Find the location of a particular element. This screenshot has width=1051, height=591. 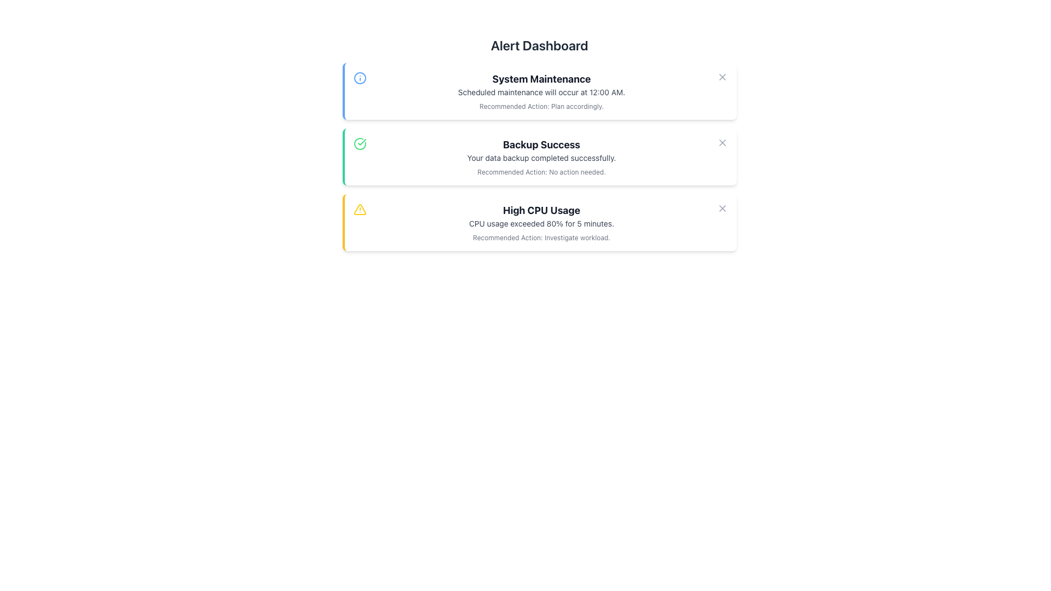

the 'X' icon in the top-right corner of the 'Backup Success' alert card is located at coordinates (722, 142).